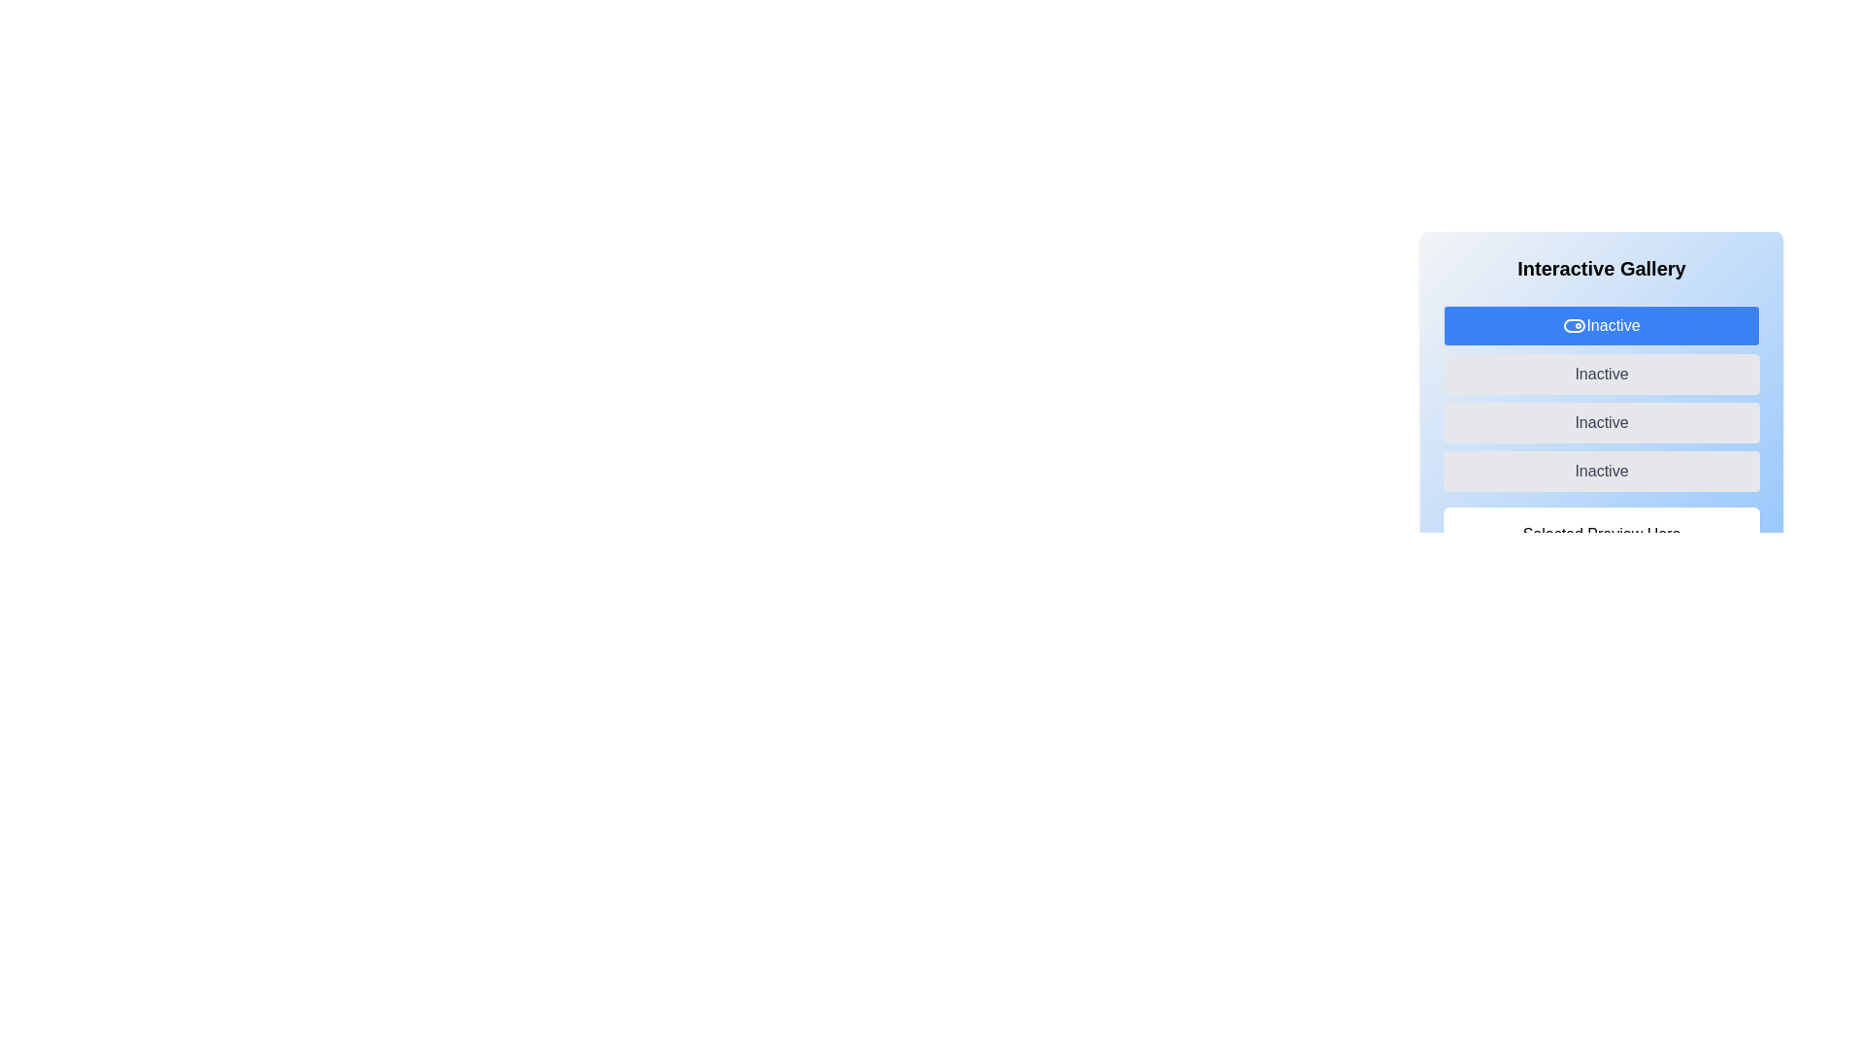  What do you see at coordinates (1602, 324) in the screenshot?
I see `the button corresponding to 0 to activate it and update the preview` at bounding box center [1602, 324].